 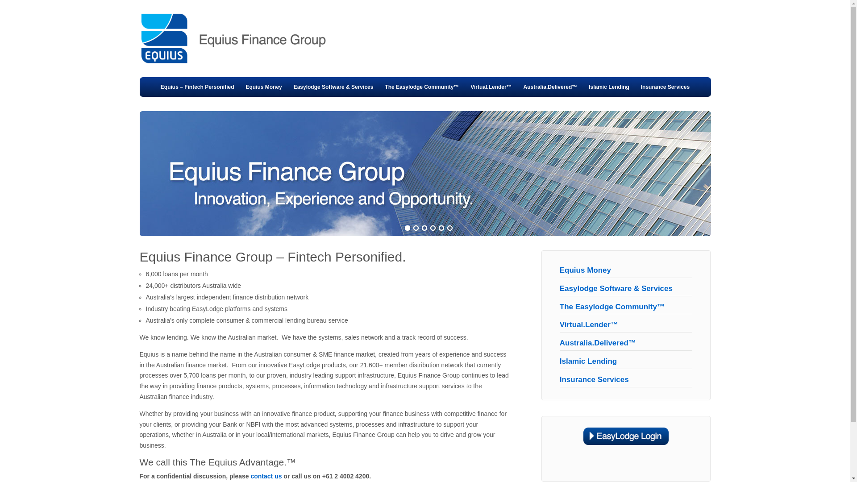 I want to click on 'Easylodge Software & Services', so click(x=616, y=288).